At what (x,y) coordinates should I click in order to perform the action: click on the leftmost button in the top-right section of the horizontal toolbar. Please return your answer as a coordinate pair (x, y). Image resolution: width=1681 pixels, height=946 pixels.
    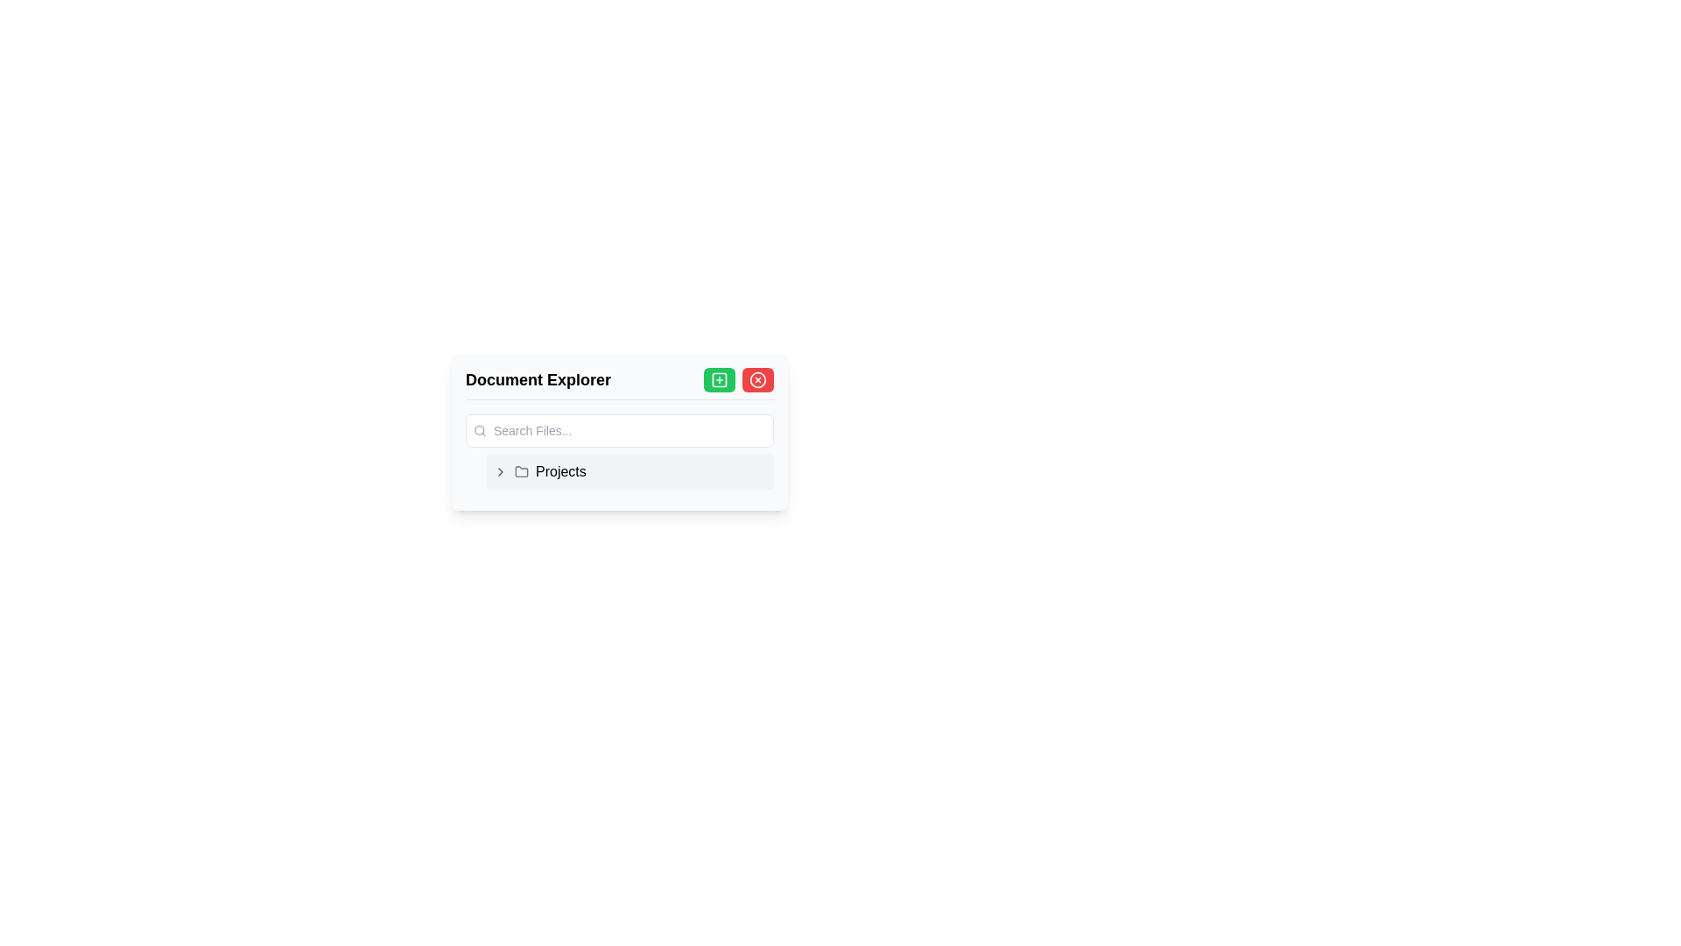
    Looking at the image, I should click on (719, 379).